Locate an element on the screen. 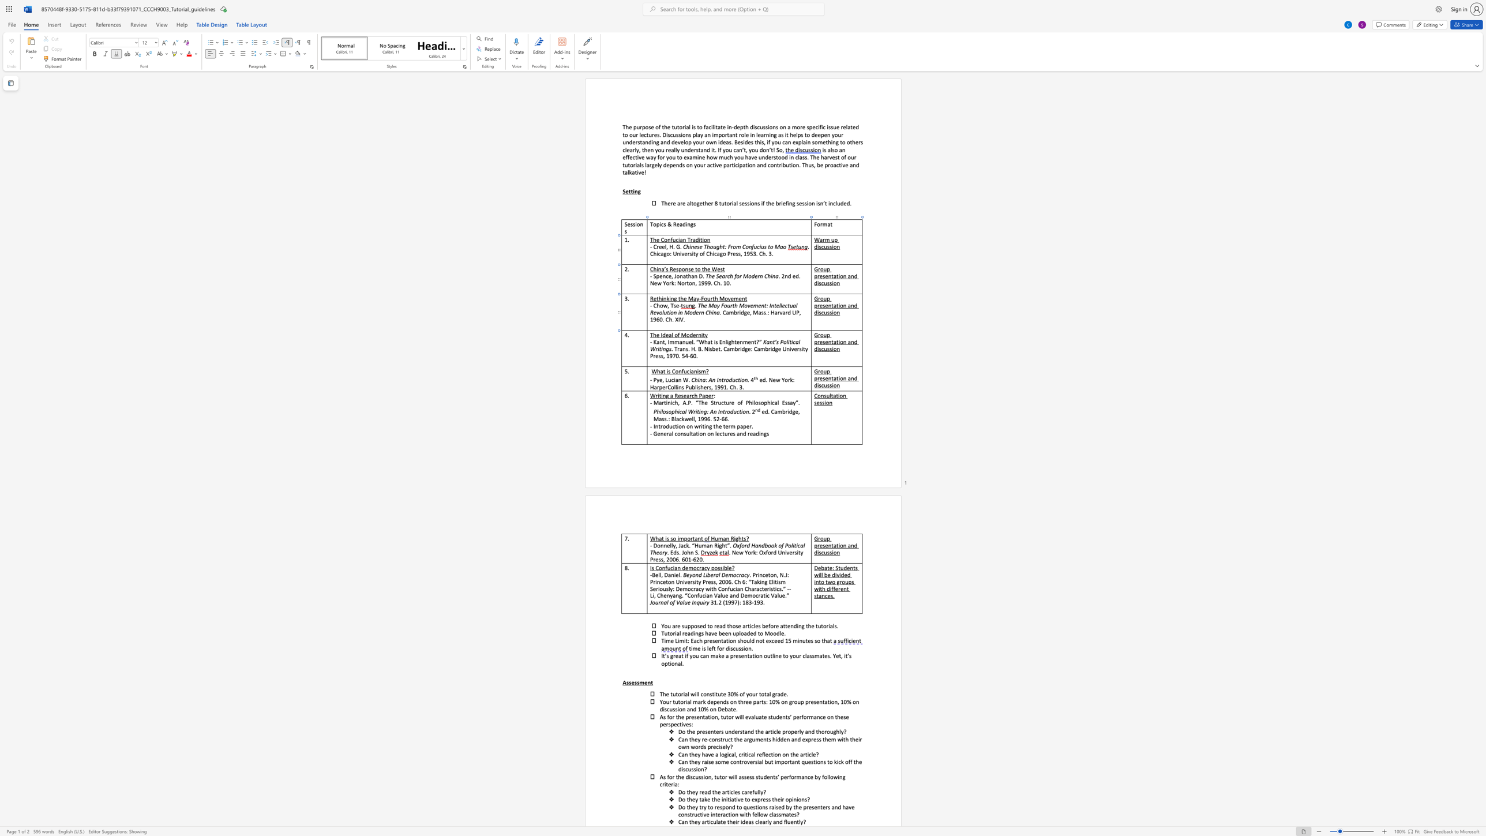 Image resolution: width=1486 pixels, height=836 pixels. the 2th character "p" in the text is located at coordinates (815, 341).